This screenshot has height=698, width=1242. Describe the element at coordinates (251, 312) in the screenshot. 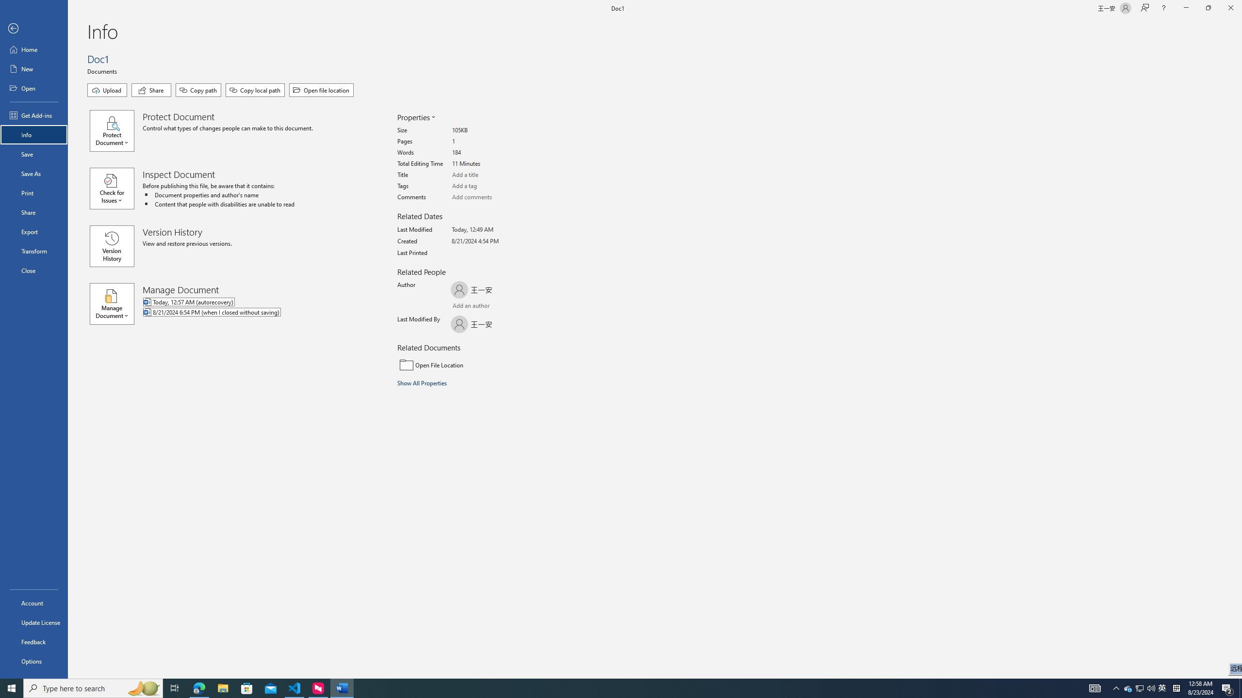

I see `' 8/21/2024 6:54 PM (when I closed without saving)'` at that location.